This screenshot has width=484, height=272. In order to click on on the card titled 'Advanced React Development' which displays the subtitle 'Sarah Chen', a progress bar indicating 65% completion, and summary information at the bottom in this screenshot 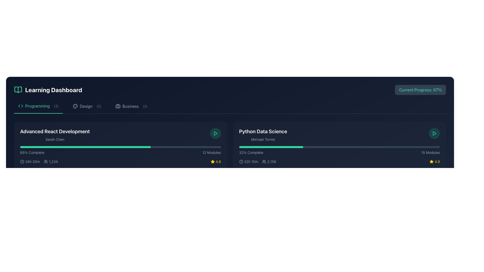, I will do `click(120, 146)`.